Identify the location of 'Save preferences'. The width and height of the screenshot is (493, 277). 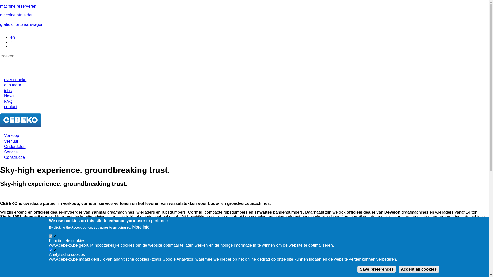
(377, 269).